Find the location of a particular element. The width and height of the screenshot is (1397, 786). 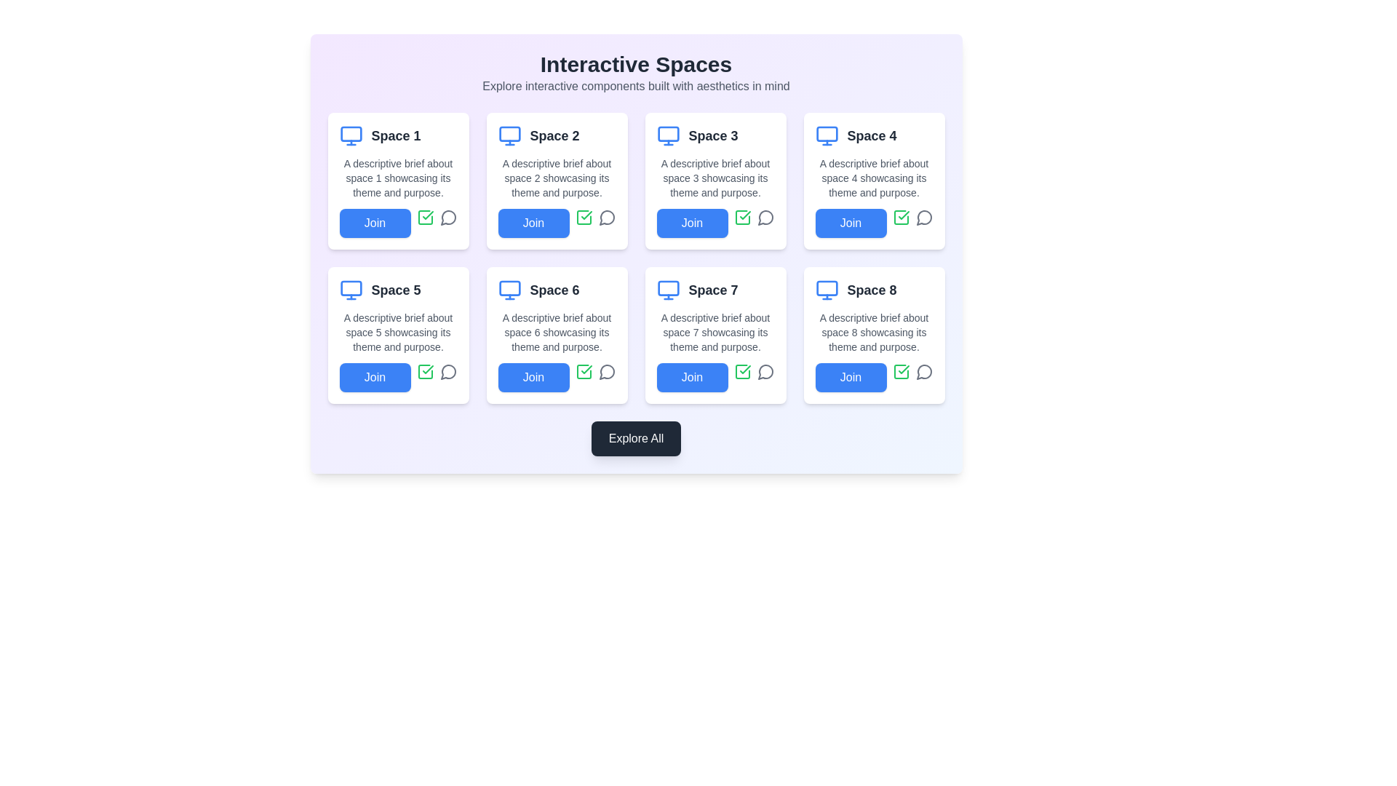

the speech bubble icon located in the bottom-right corner of the sixth card in the grid layout is located at coordinates (607, 370).